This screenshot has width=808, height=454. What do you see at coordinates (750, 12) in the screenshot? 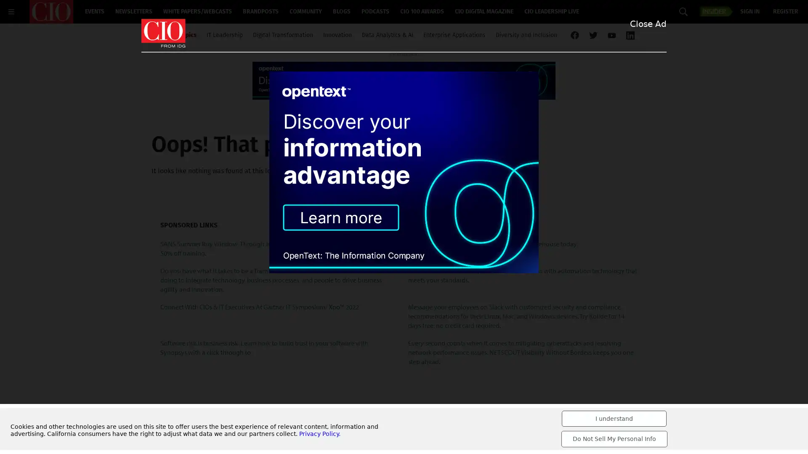
I see `SIGN IN` at bounding box center [750, 12].